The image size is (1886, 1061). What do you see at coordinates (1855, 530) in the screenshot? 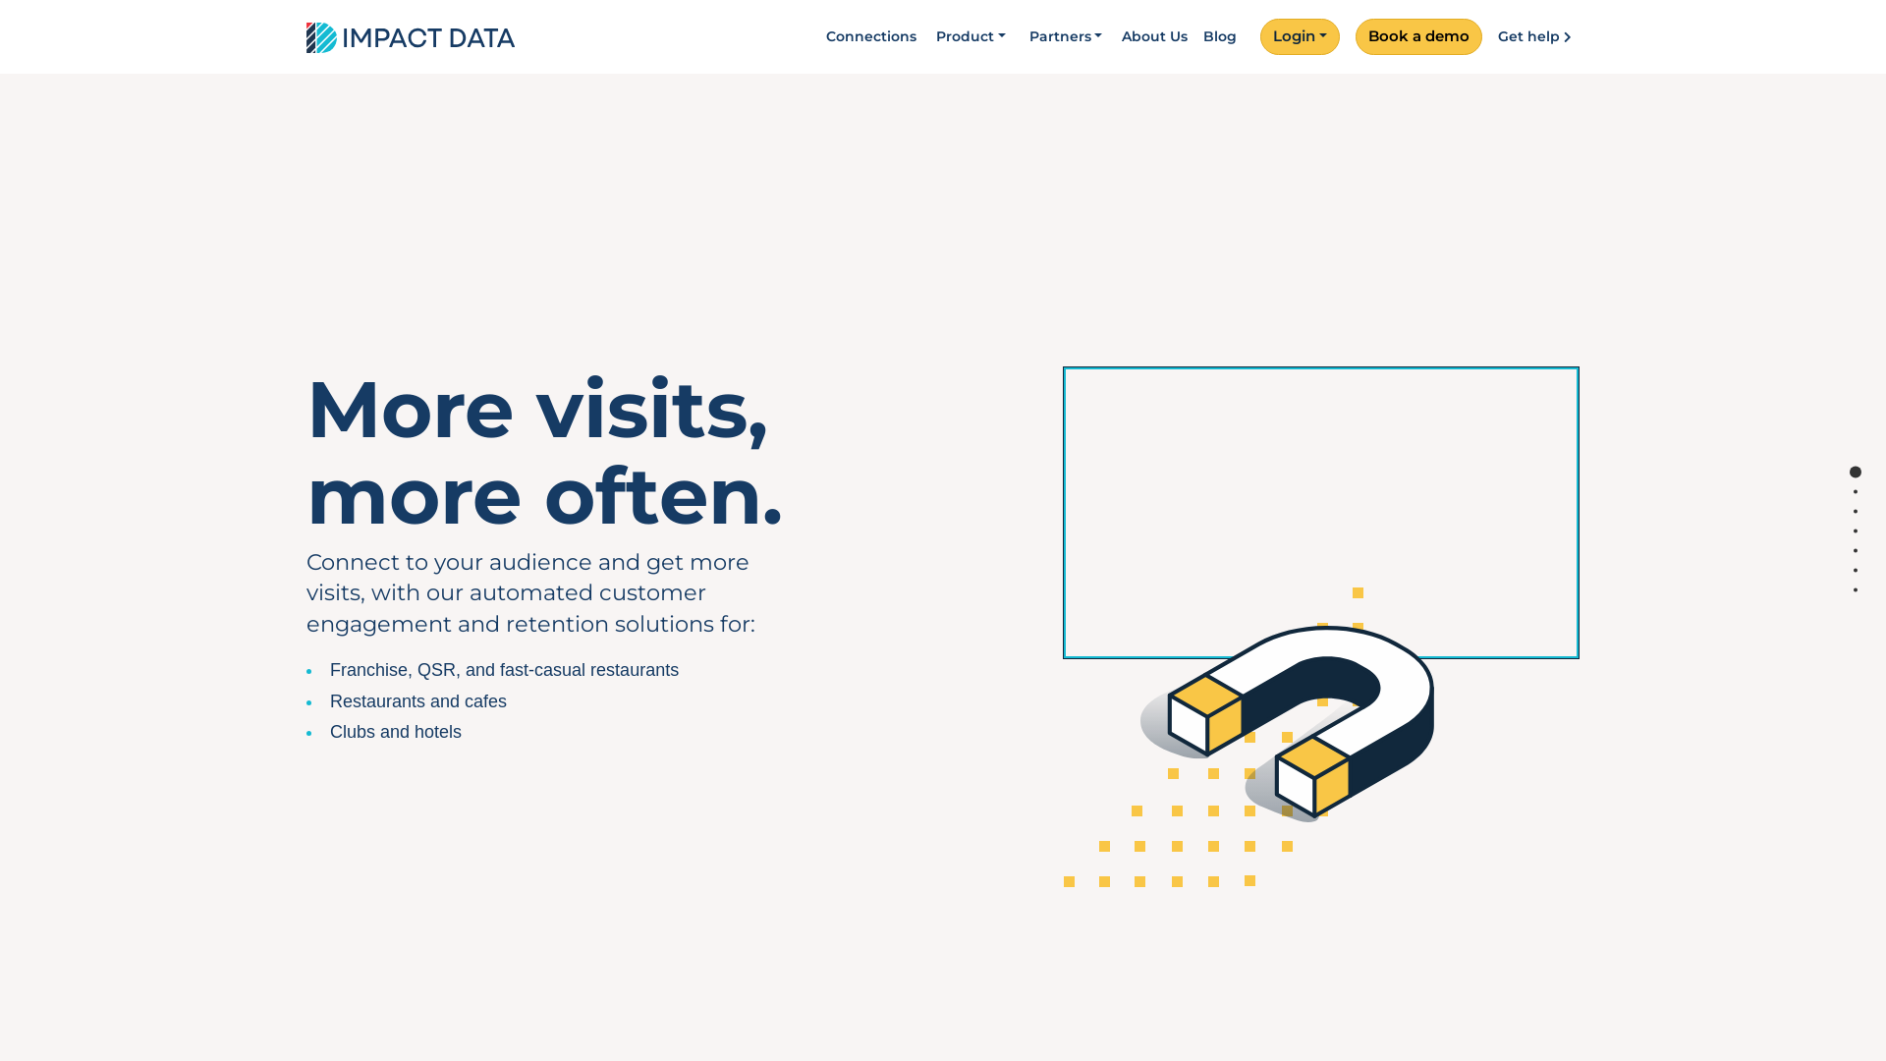
I see `'Section 4'` at bounding box center [1855, 530].